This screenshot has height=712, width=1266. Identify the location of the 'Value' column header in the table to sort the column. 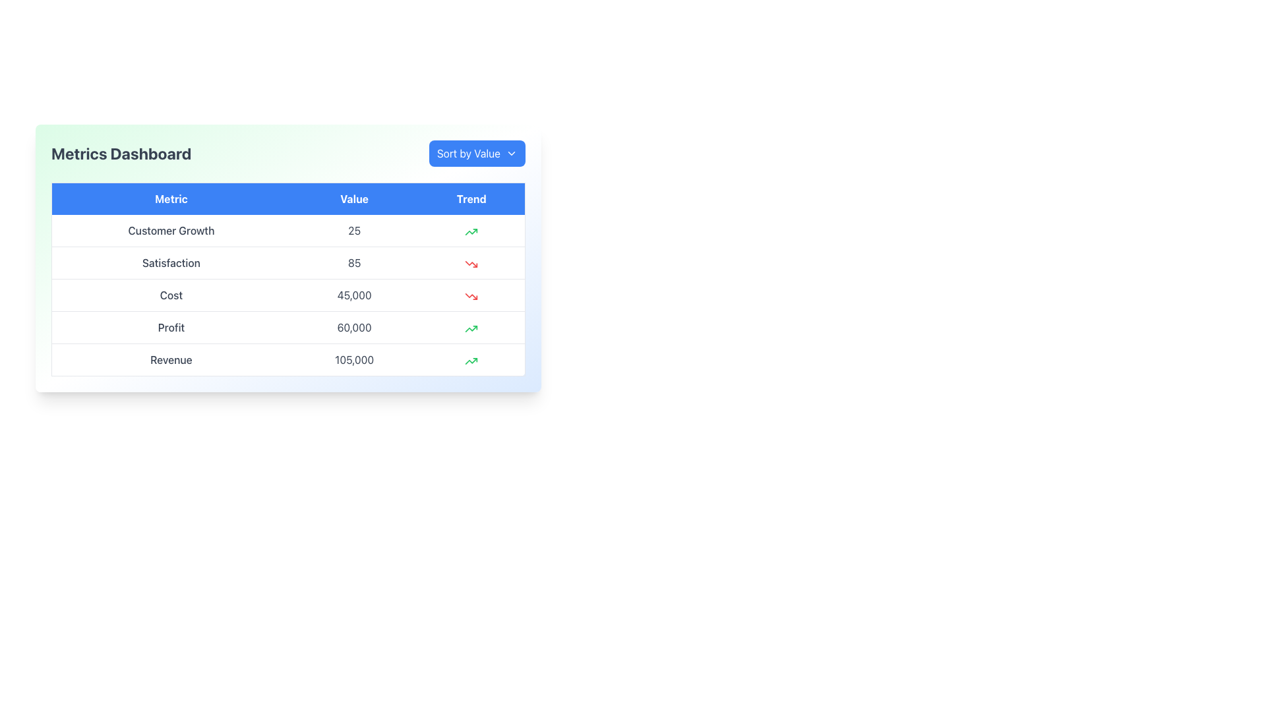
(354, 198).